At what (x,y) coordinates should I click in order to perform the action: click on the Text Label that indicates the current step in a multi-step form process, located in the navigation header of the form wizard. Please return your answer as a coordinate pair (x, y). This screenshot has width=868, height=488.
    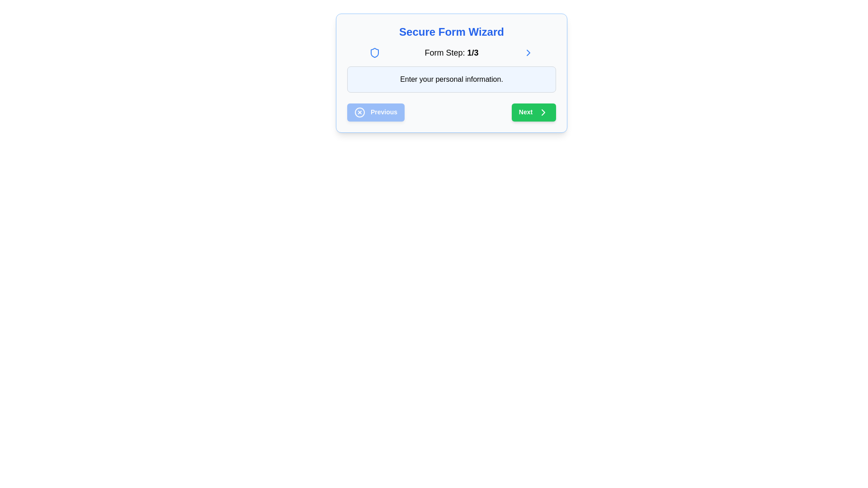
    Looking at the image, I should click on (451, 52).